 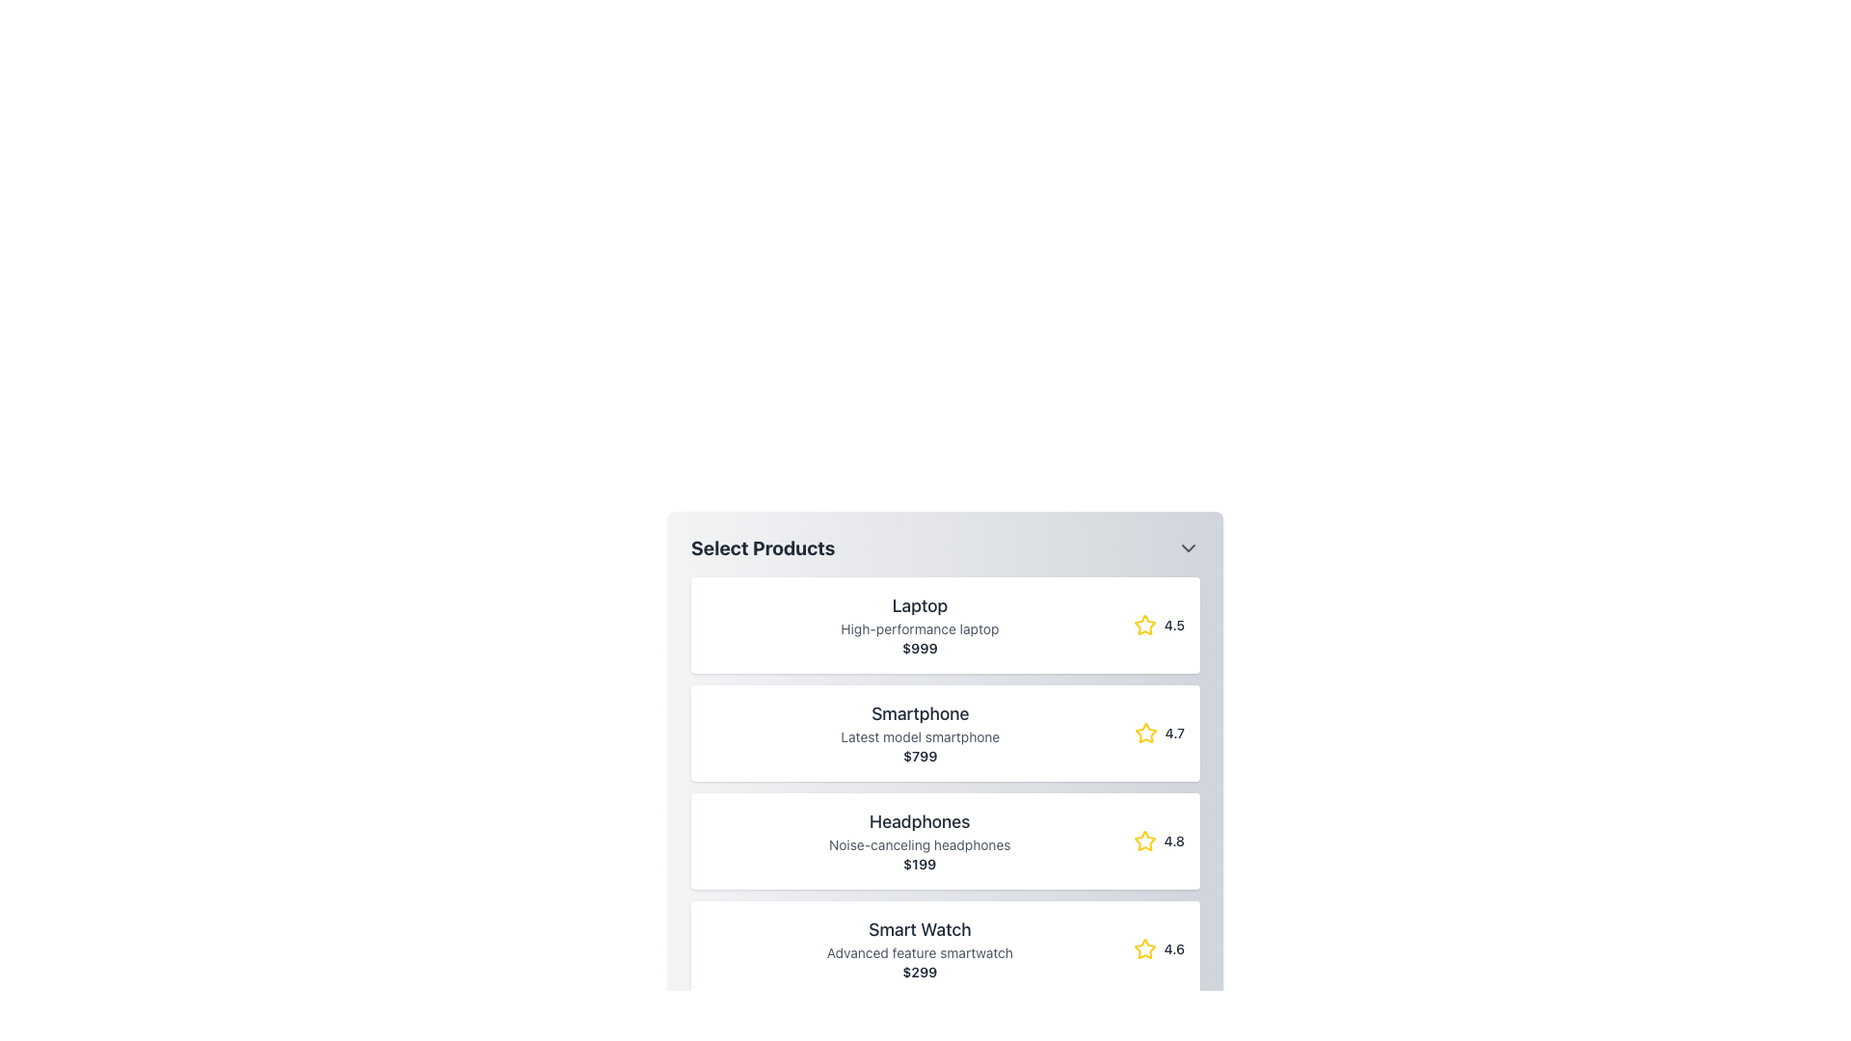 What do you see at coordinates (945, 733) in the screenshot?
I see `the product entry card for 'Smartphone', which is the second item in the list of products under 'Select Products'` at bounding box center [945, 733].